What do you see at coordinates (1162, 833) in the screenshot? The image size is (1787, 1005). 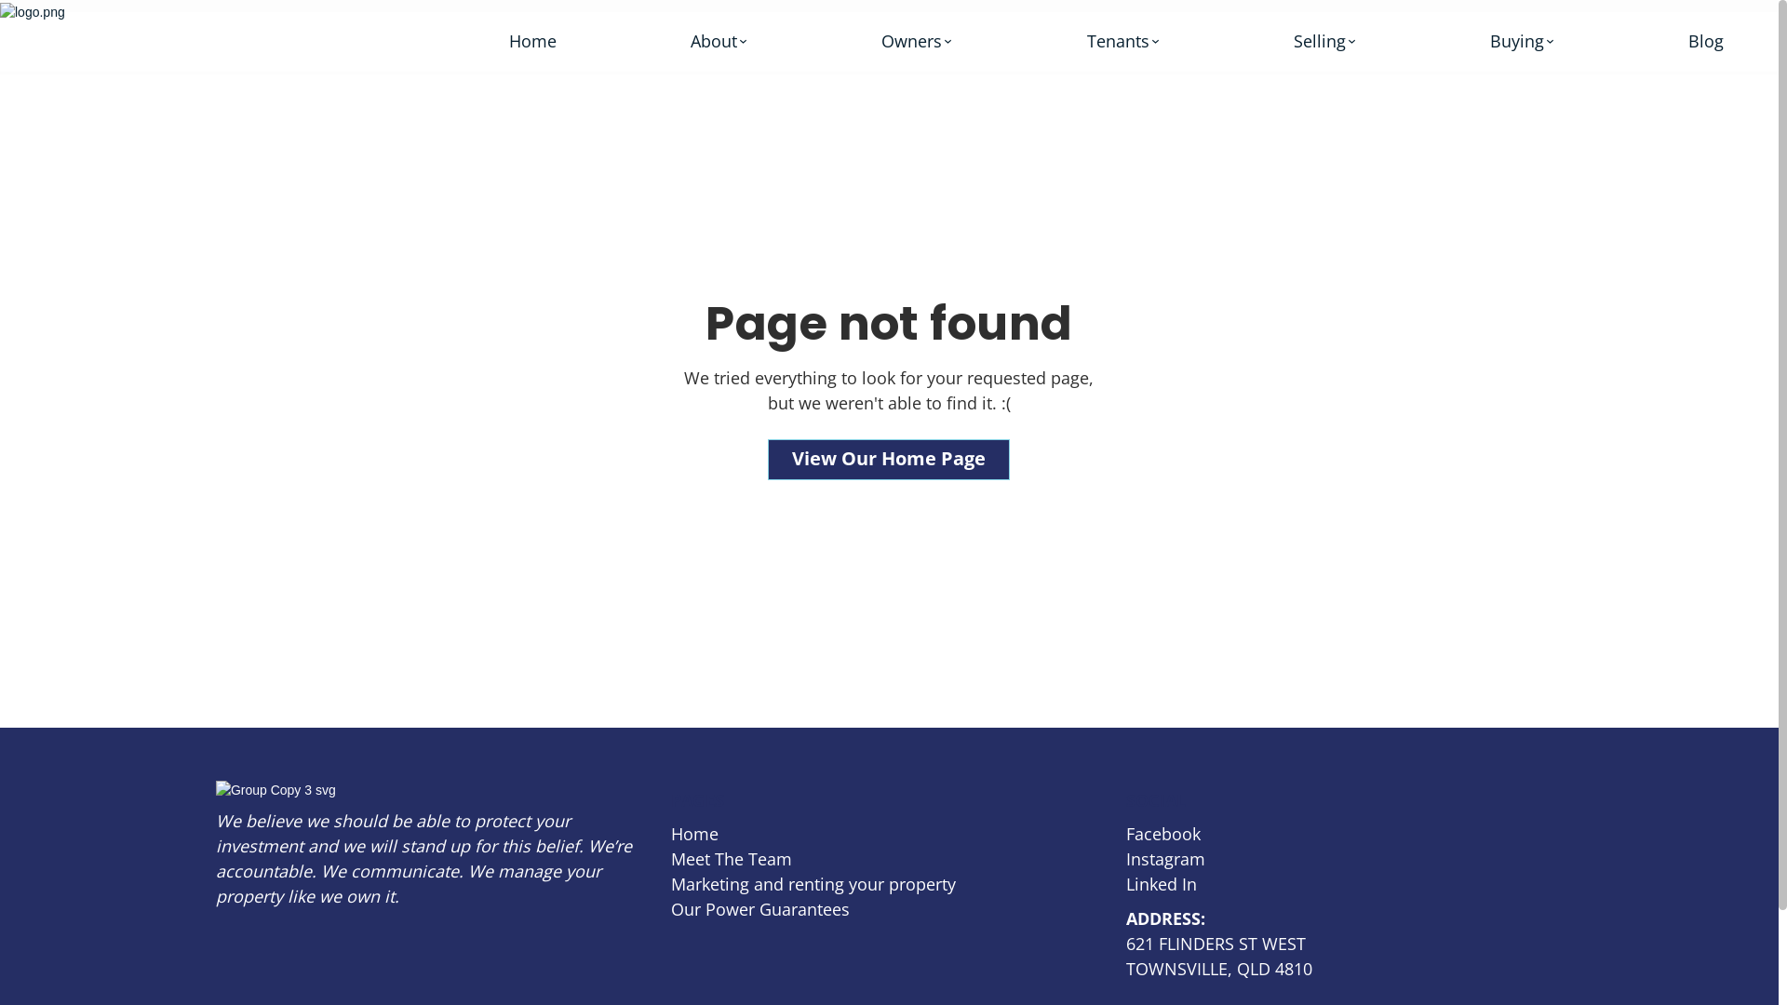 I see `'Facebook'` at bounding box center [1162, 833].